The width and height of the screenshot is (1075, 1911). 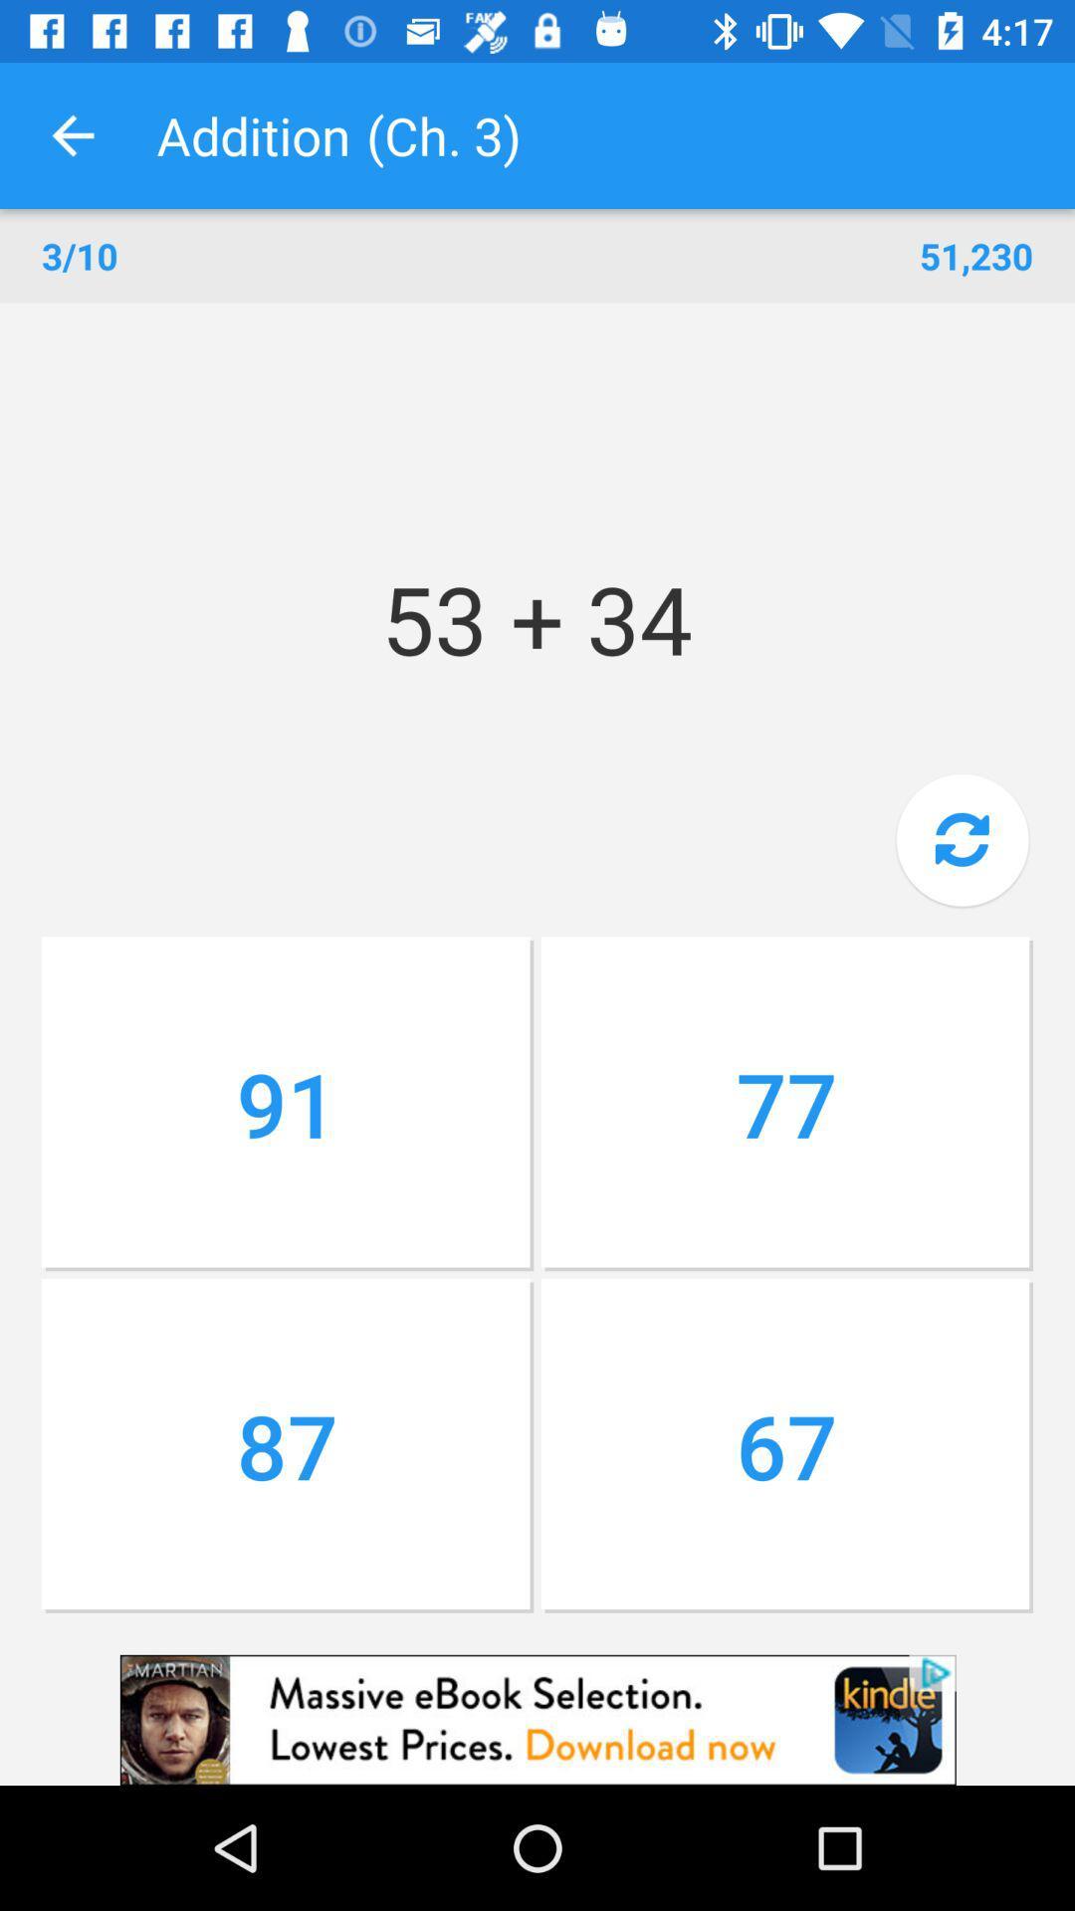 What do you see at coordinates (537, 1719) in the screenshot?
I see `advertisement page` at bounding box center [537, 1719].